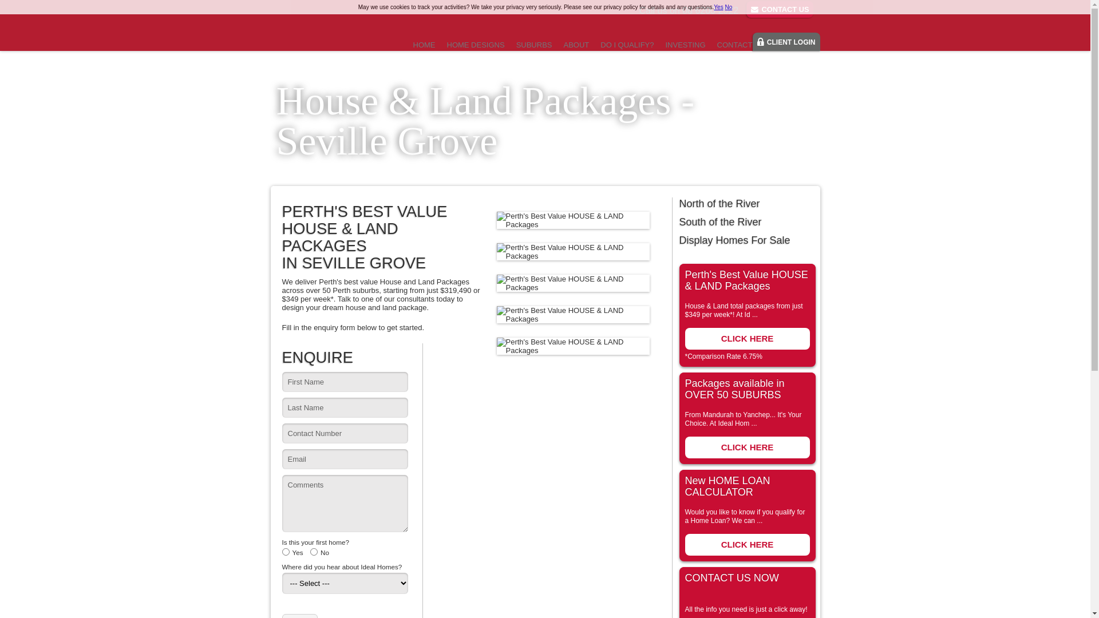  I want to click on 'CONTACT', so click(734, 44).